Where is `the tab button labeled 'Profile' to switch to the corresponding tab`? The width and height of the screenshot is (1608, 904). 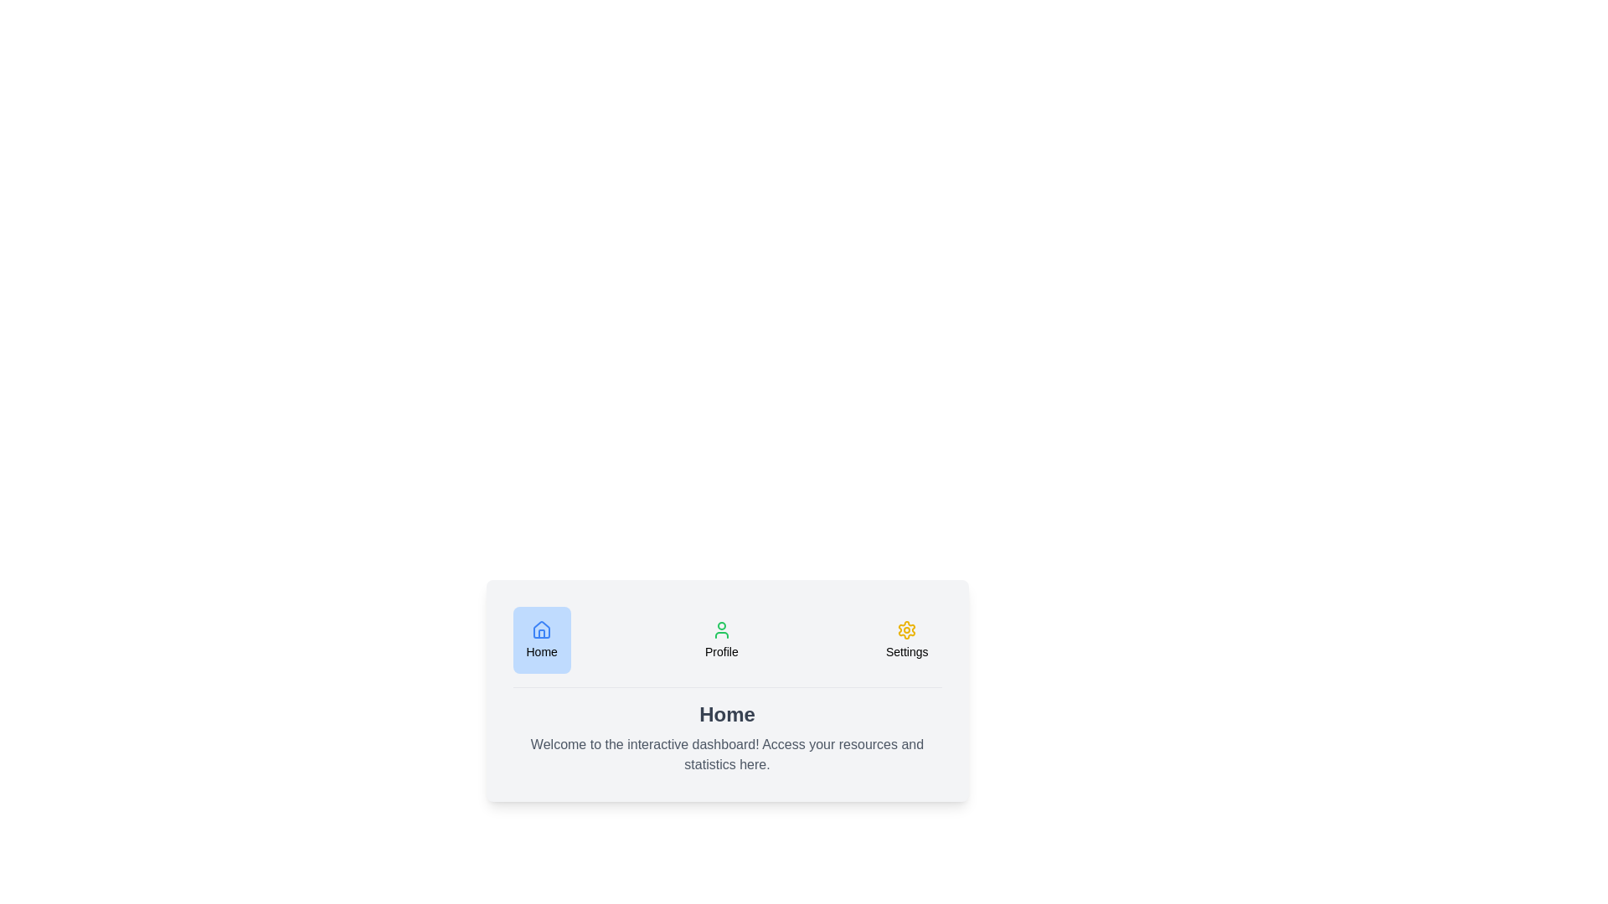 the tab button labeled 'Profile' to switch to the corresponding tab is located at coordinates (721, 639).